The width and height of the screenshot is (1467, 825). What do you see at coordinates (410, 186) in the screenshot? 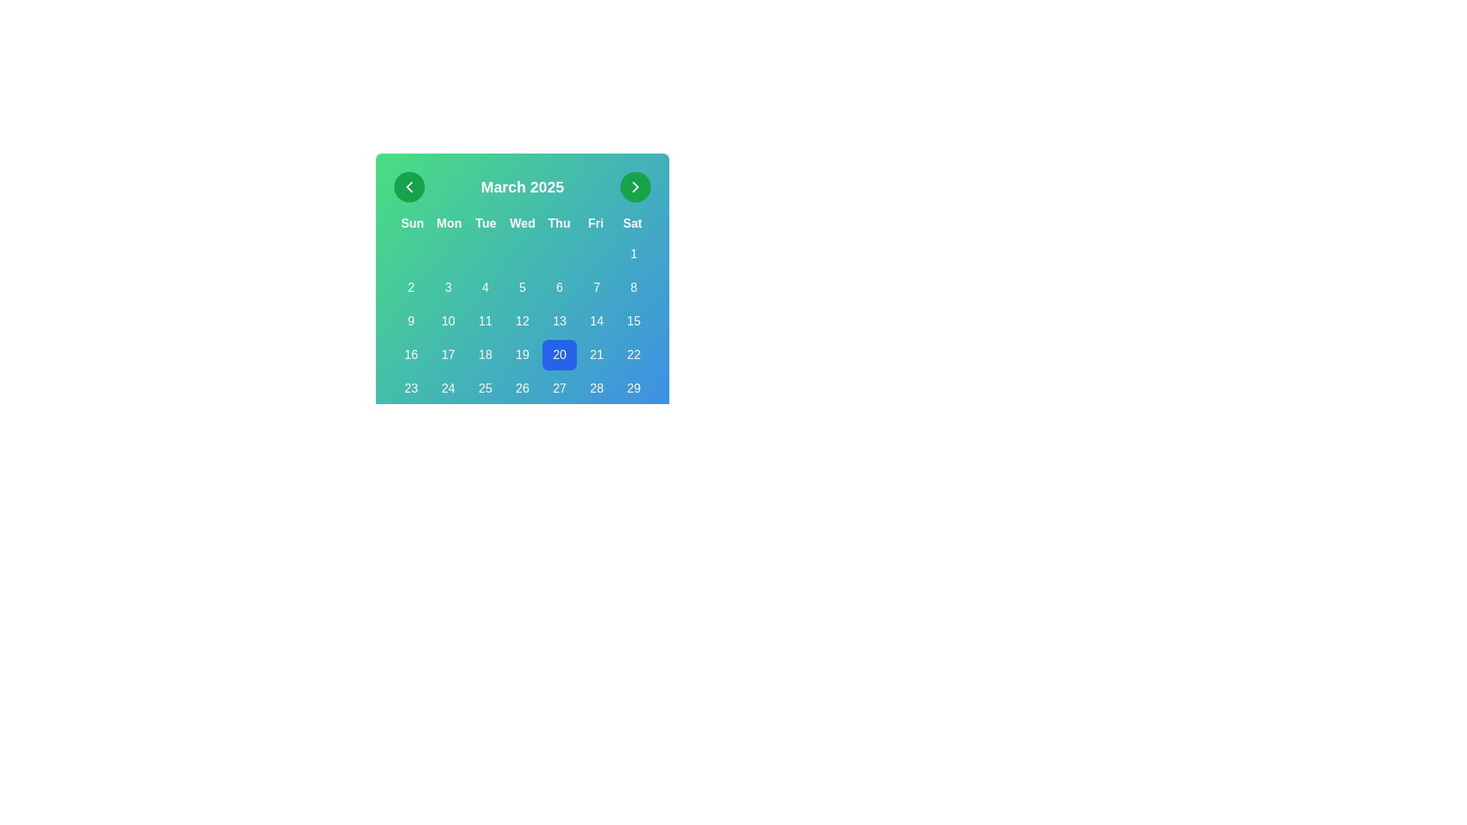
I see `the left-pointing arrow icon within the green circular button located to the left of the 'March 2025' text in the calendar header bar` at bounding box center [410, 186].